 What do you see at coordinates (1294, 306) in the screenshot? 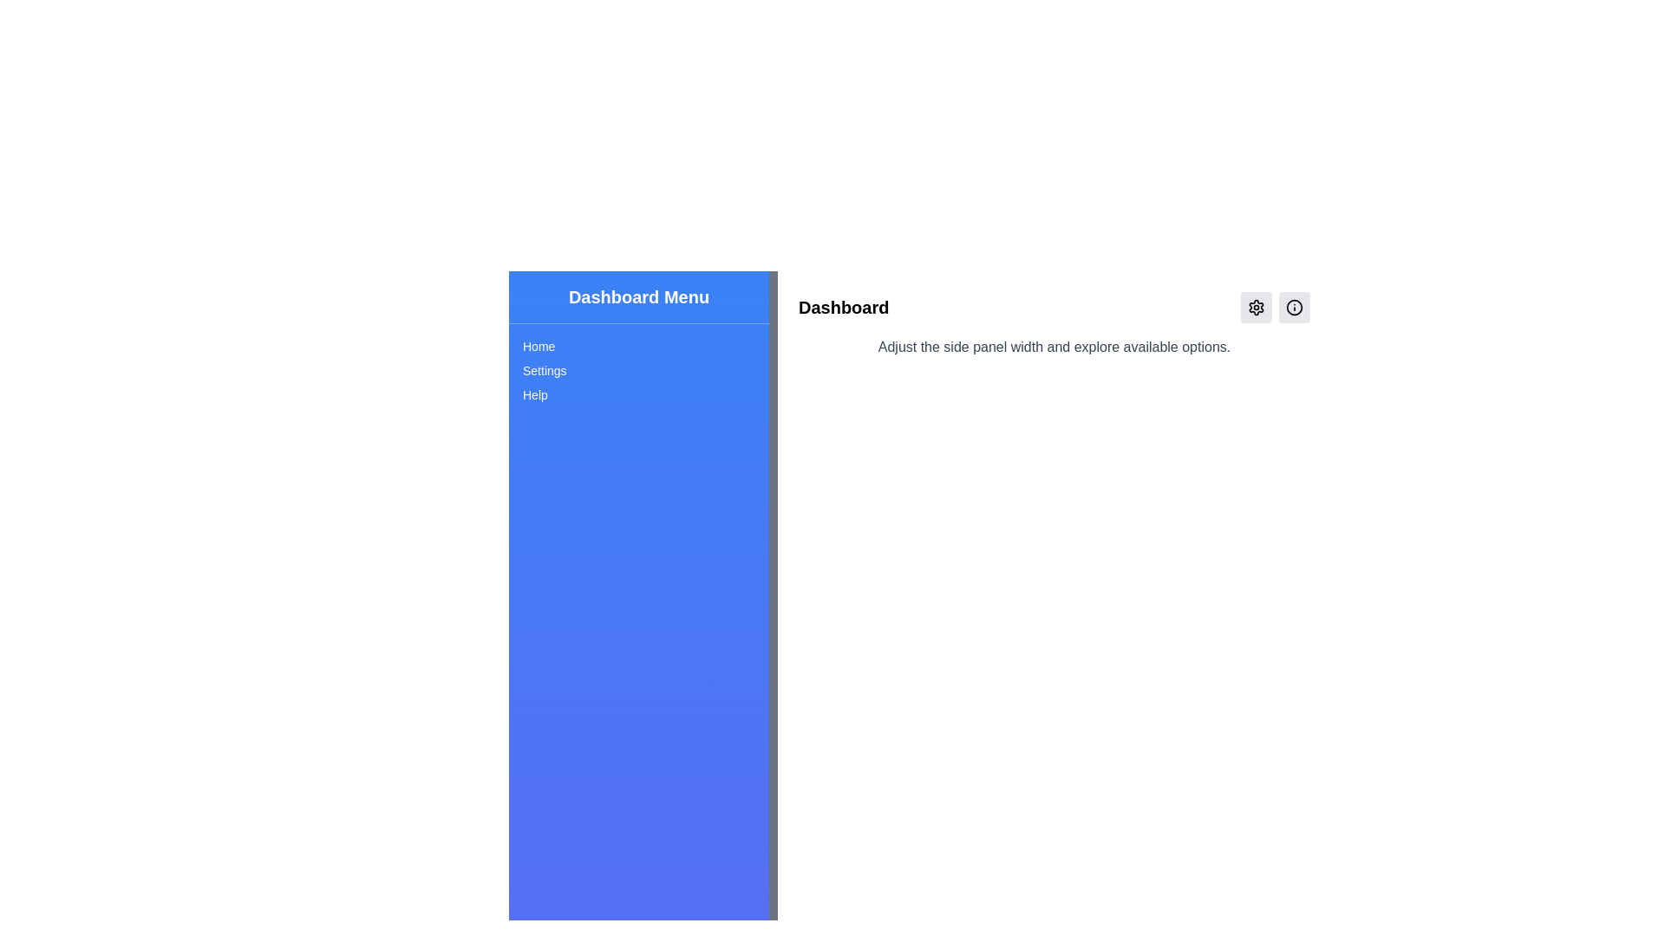
I see `the circular SVG graphic element located on the right side of the main dashboard content area, which is part of an icon group adjacent to instructional text` at bounding box center [1294, 306].